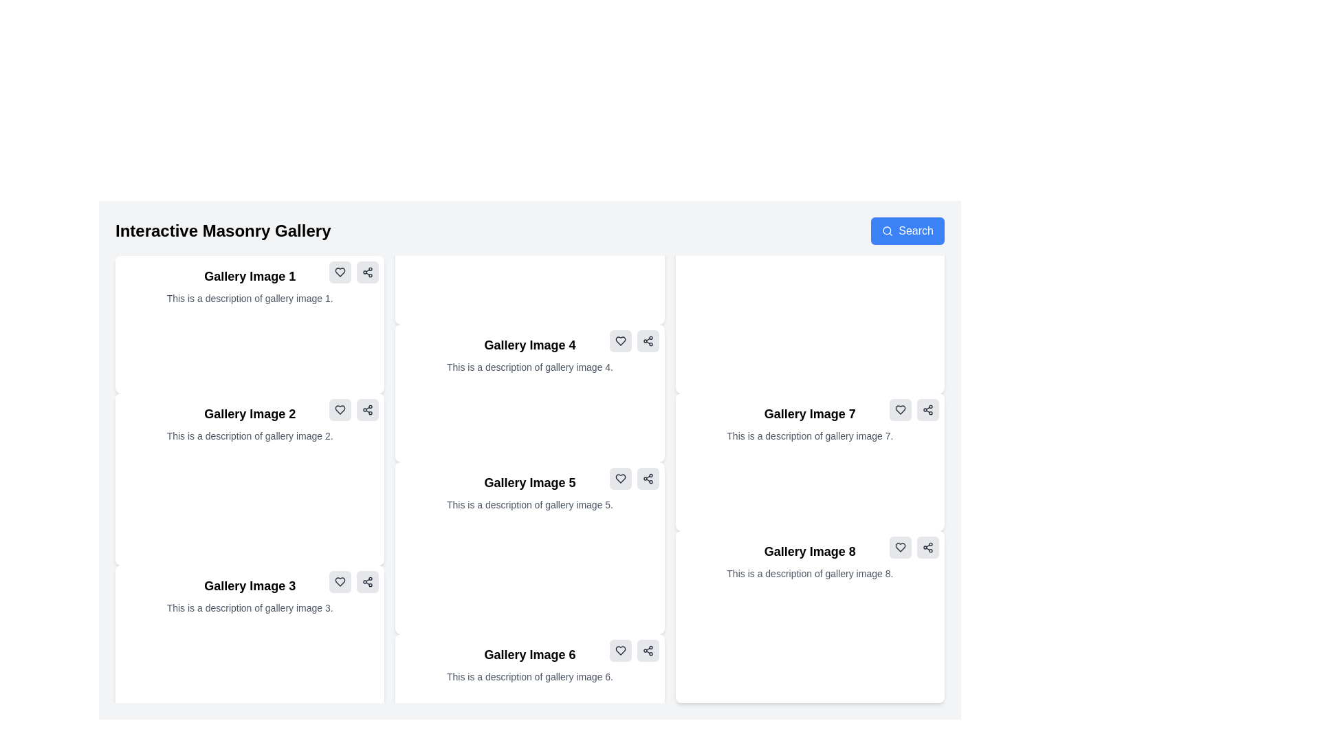  What do you see at coordinates (927, 409) in the screenshot?
I see `the sharing icon button, which is a minimalist black outline representation of three circles connected by lines, located in the bottom-right corner of the 'Gallery Image 7' card, beside the like heart icon` at bounding box center [927, 409].